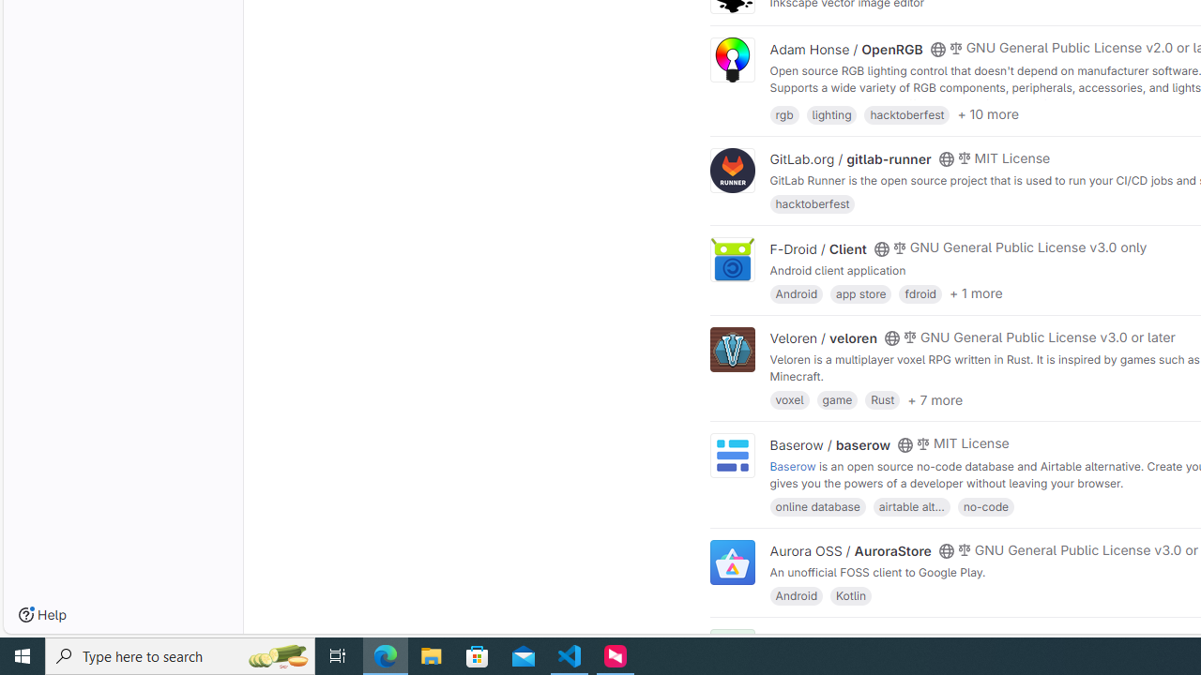  Describe the element at coordinates (859, 292) in the screenshot. I see `'app store'` at that location.